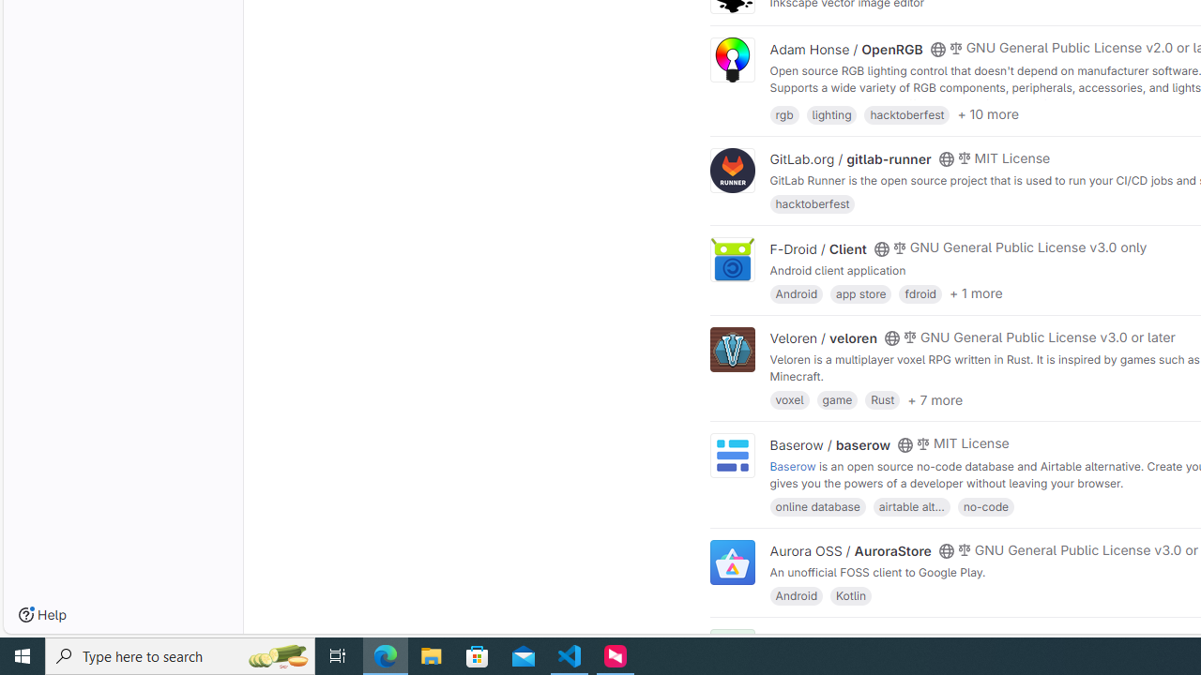  Describe the element at coordinates (859, 292) in the screenshot. I see `'app store'` at that location.